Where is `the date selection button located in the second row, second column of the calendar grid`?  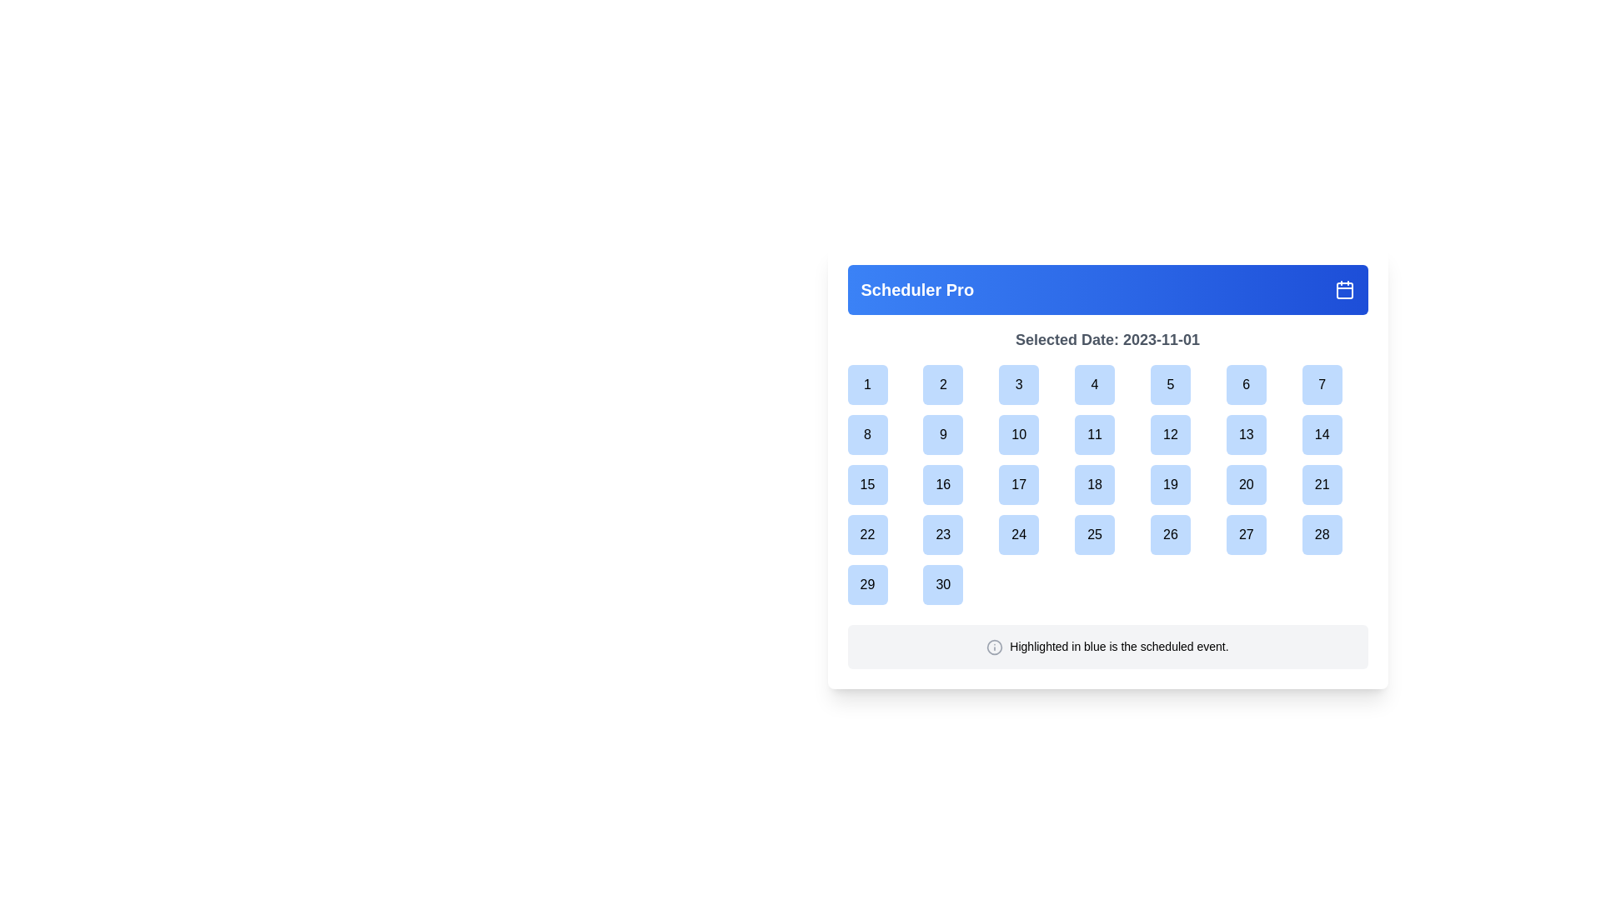
the date selection button located in the second row, second column of the calendar grid is located at coordinates (867, 433).